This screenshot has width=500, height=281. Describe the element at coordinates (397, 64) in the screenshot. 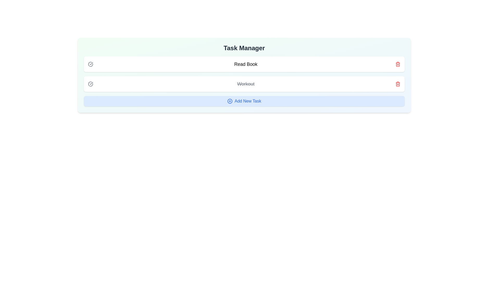

I see `the trash icon next to the task titled 'Read Book' to remove it` at that location.